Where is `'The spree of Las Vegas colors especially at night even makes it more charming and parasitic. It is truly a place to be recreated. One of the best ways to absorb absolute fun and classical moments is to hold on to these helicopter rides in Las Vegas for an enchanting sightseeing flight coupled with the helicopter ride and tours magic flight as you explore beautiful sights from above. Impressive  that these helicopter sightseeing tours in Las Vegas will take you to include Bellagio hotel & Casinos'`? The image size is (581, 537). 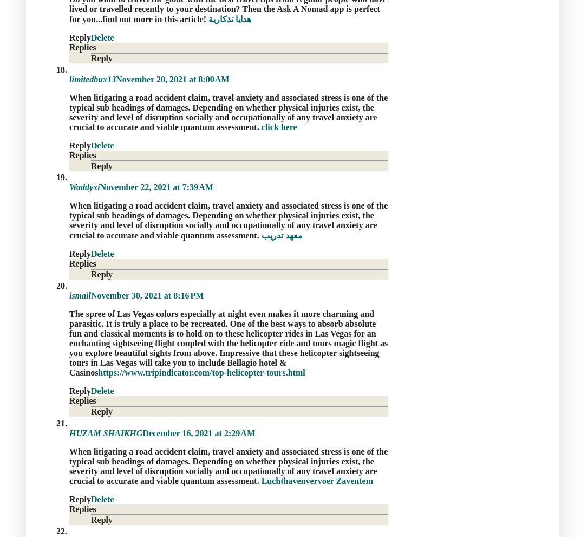 'The spree of Las Vegas colors especially at night even makes it more charming and parasitic. It is truly a place to be recreated. One of the best ways to absorb absolute fun and classical moments is to hold on to these helicopter rides in Las Vegas for an enchanting sightseeing flight coupled with the helicopter ride and tours magic flight as you explore beautiful sights from above. Impressive  that these helicopter sightseeing tours in Las Vegas will take you to include Bellagio hotel & Casinos' is located at coordinates (229, 342).